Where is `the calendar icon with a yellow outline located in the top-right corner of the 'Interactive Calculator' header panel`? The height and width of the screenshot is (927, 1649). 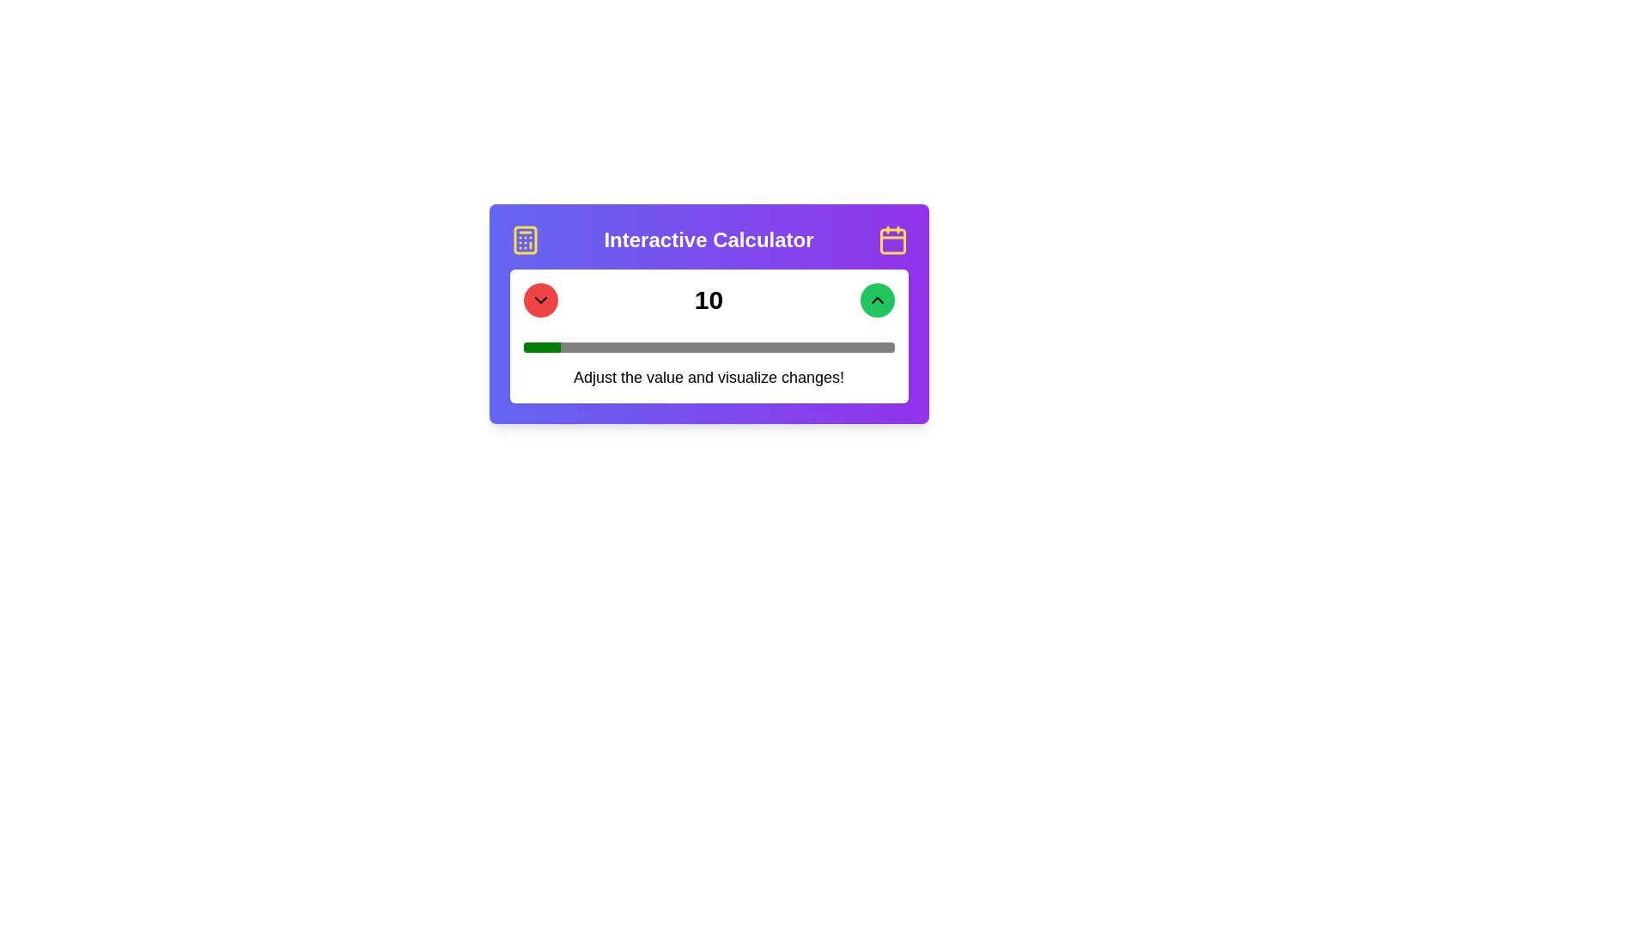 the calendar icon with a yellow outline located in the top-right corner of the 'Interactive Calculator' header panel is located at coordinates (892, 240).